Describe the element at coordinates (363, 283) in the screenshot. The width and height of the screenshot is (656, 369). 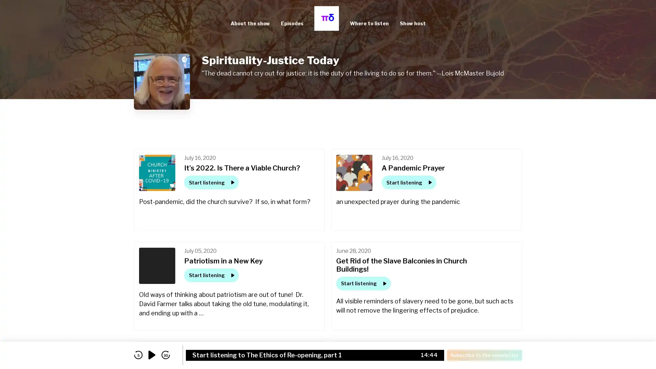
I see `Start listening` at that location.